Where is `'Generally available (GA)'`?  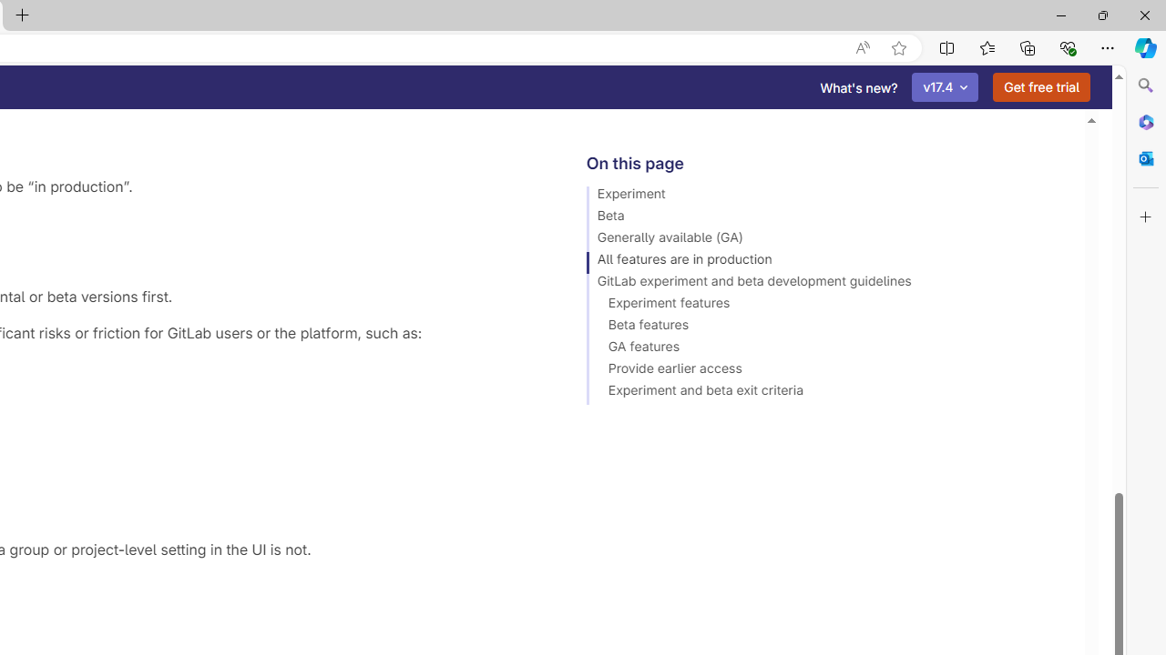
'Generally available (GA)' is located at coordinates (826, 239).